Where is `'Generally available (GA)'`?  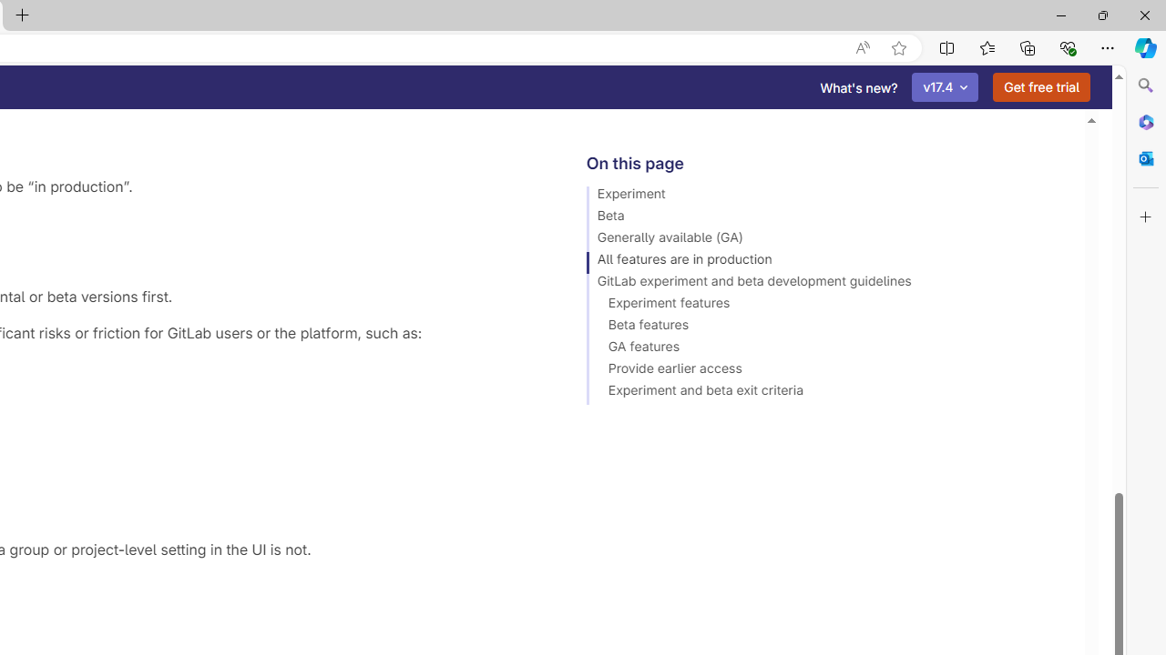
'Generally available (GA)' is located at coordinates (826, 239).